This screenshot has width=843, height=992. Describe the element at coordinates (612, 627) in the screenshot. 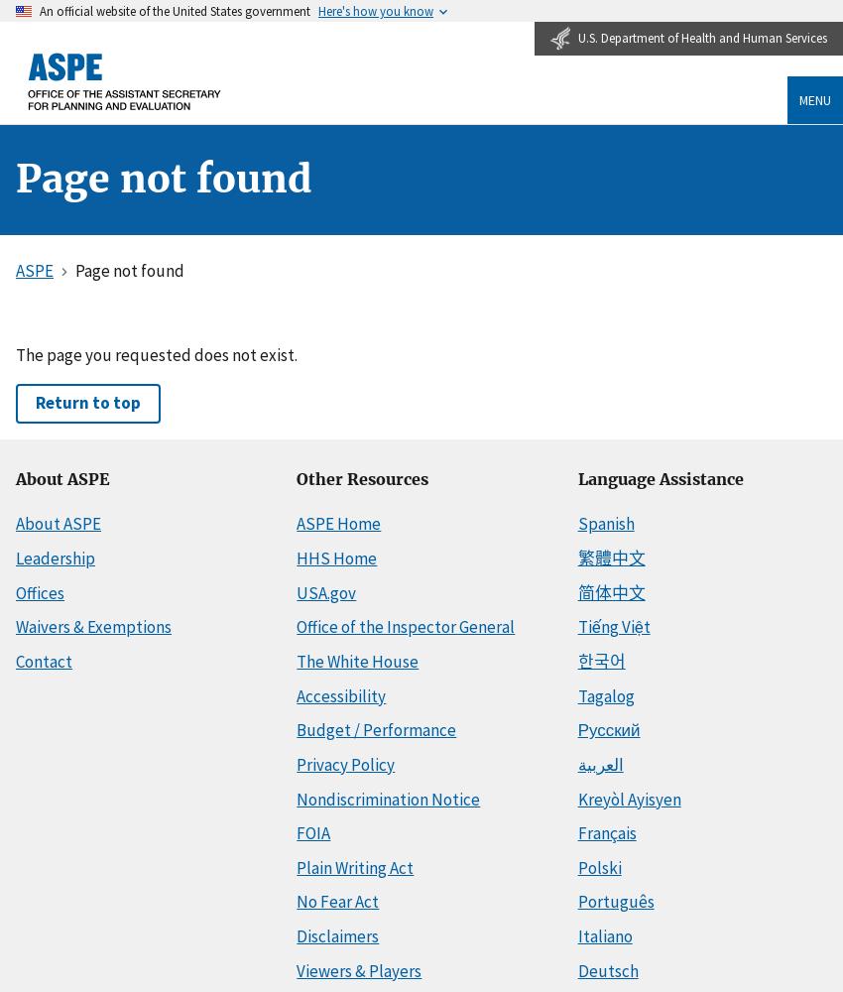

I see `'Tiếng Việt'` at that location.